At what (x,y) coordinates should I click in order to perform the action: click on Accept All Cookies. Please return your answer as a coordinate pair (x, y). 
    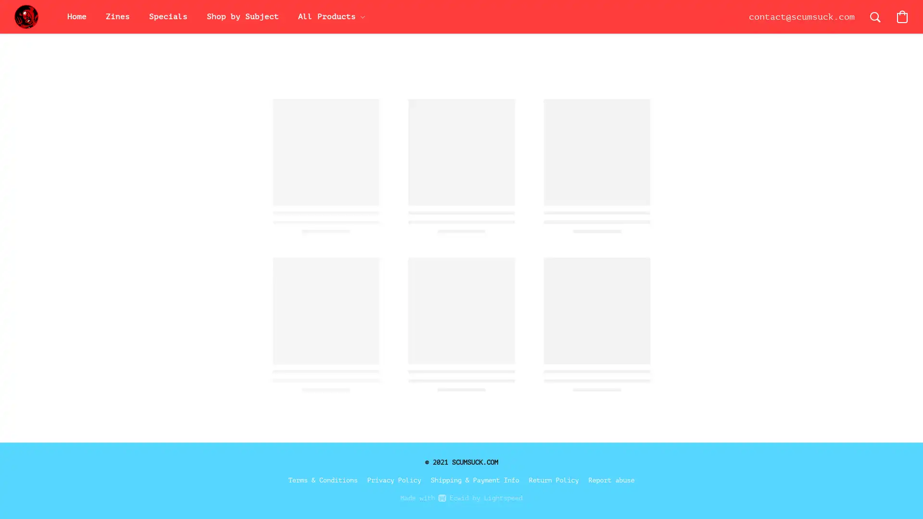
    Looking at the image, I should click on (787, 319).